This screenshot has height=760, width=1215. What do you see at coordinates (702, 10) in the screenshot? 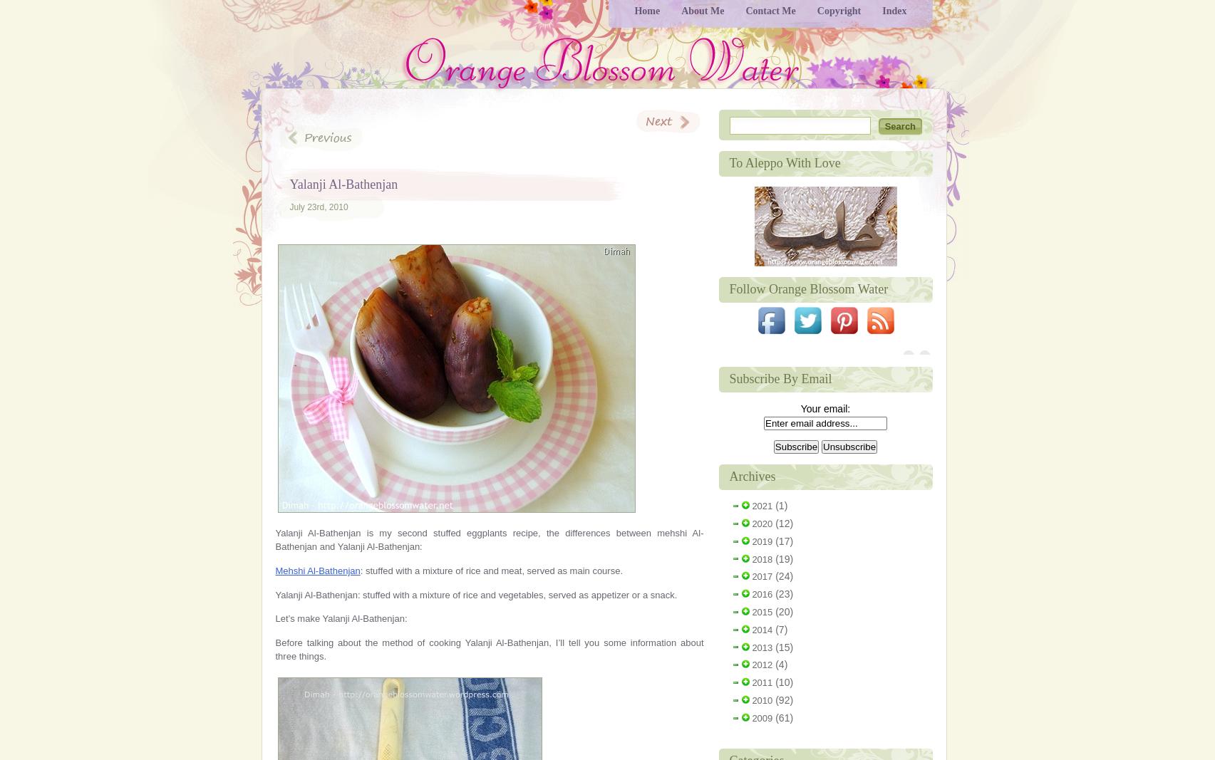
I see `'About Me'` at bounding box center [702, 10].